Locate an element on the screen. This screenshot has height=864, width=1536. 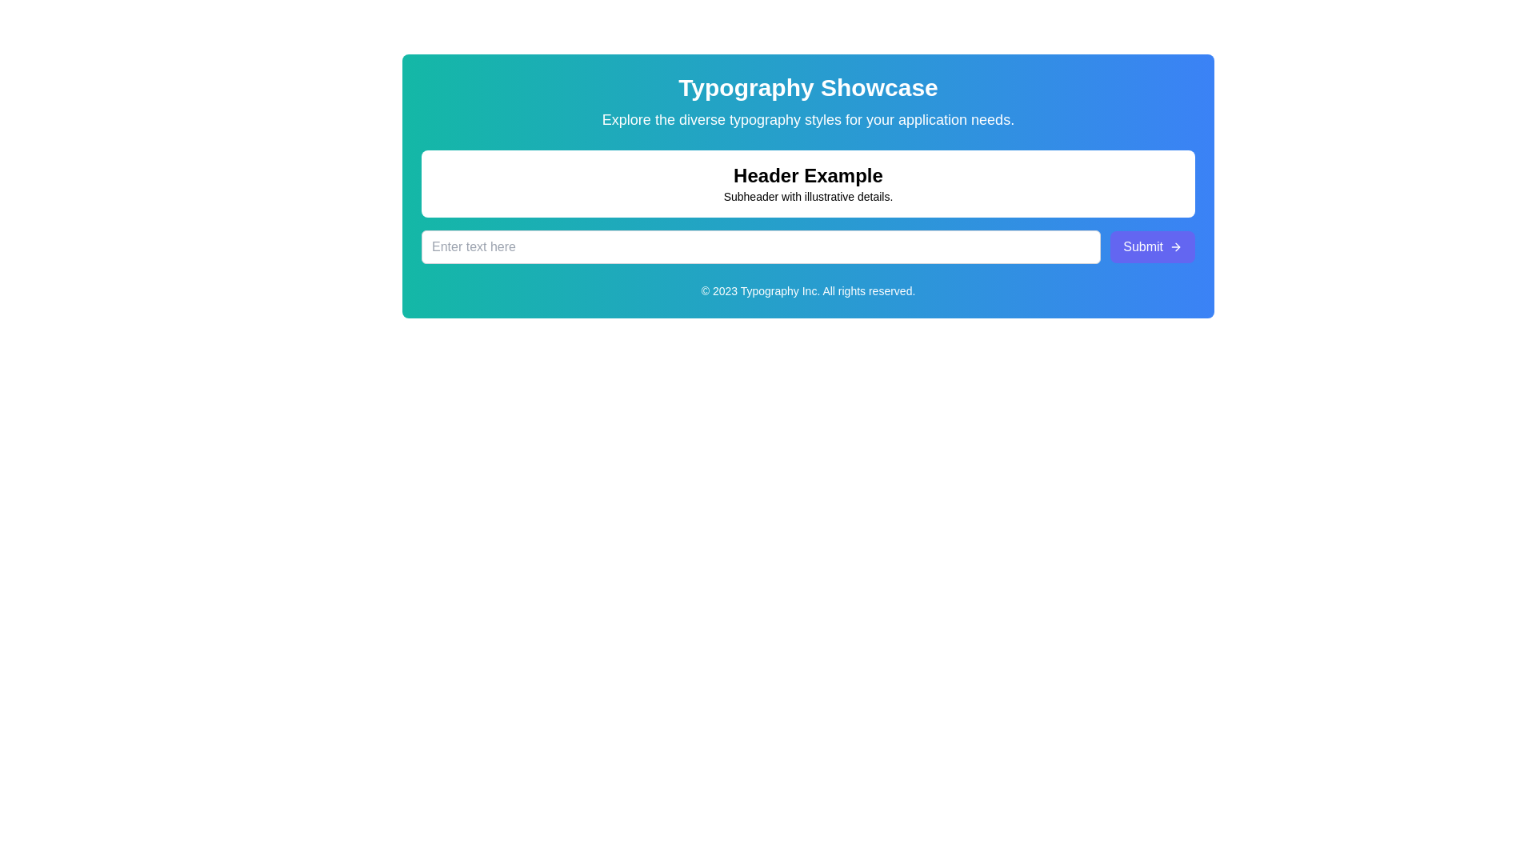
the descriptive subtitle located beneath the title 'Typography Showcase' in the header area of the application is located at coordinates (808, 119).